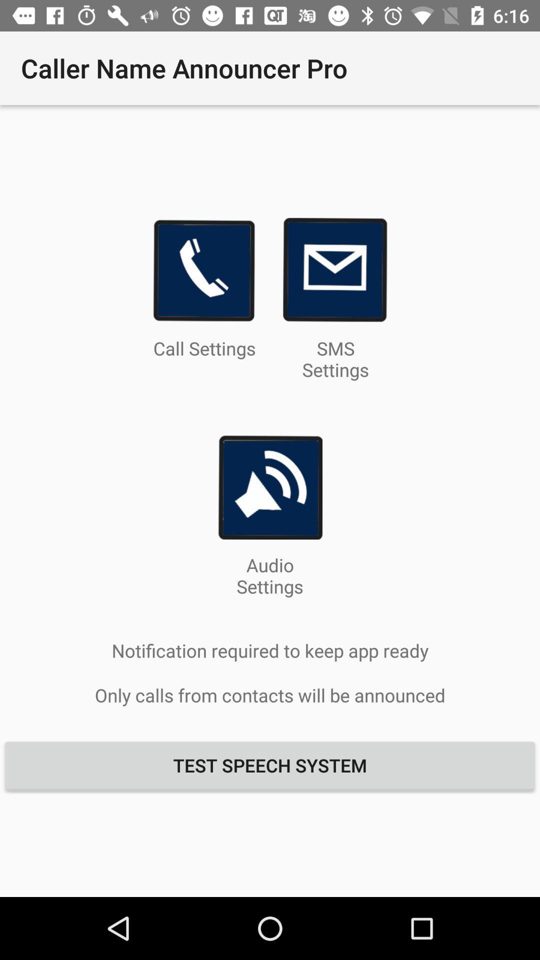 This screenshot has width=540, height=960. I want to click on icon below caller name announcer, so click(203, 270).